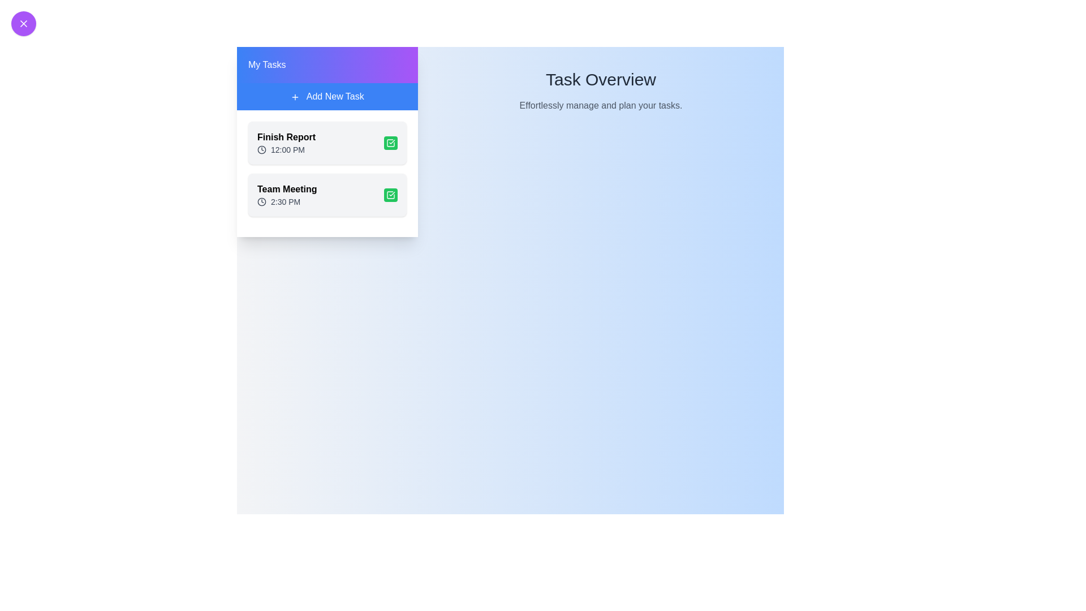 The width and height of the screenshot is (1086, 611). What do you see at coordinates (391, 194) in the screenshot?
I see `green button next to the task titled 'Team Meeting' to mark it as completed` at bounding box center [391, 194].